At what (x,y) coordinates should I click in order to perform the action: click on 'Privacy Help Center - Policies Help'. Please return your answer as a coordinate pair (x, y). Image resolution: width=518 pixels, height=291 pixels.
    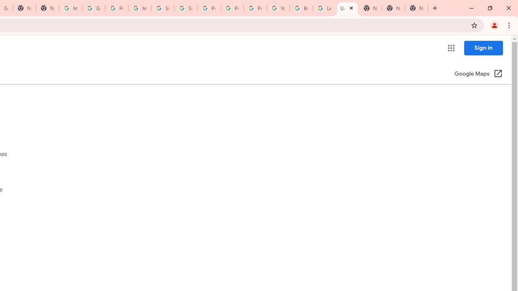
    Looking at the image, I should click on (209, 8).